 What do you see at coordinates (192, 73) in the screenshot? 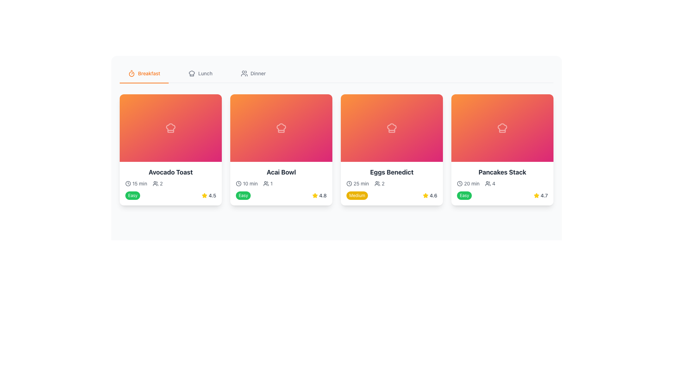
I see `the chef's hat icon` at bounding box center [192, 73].